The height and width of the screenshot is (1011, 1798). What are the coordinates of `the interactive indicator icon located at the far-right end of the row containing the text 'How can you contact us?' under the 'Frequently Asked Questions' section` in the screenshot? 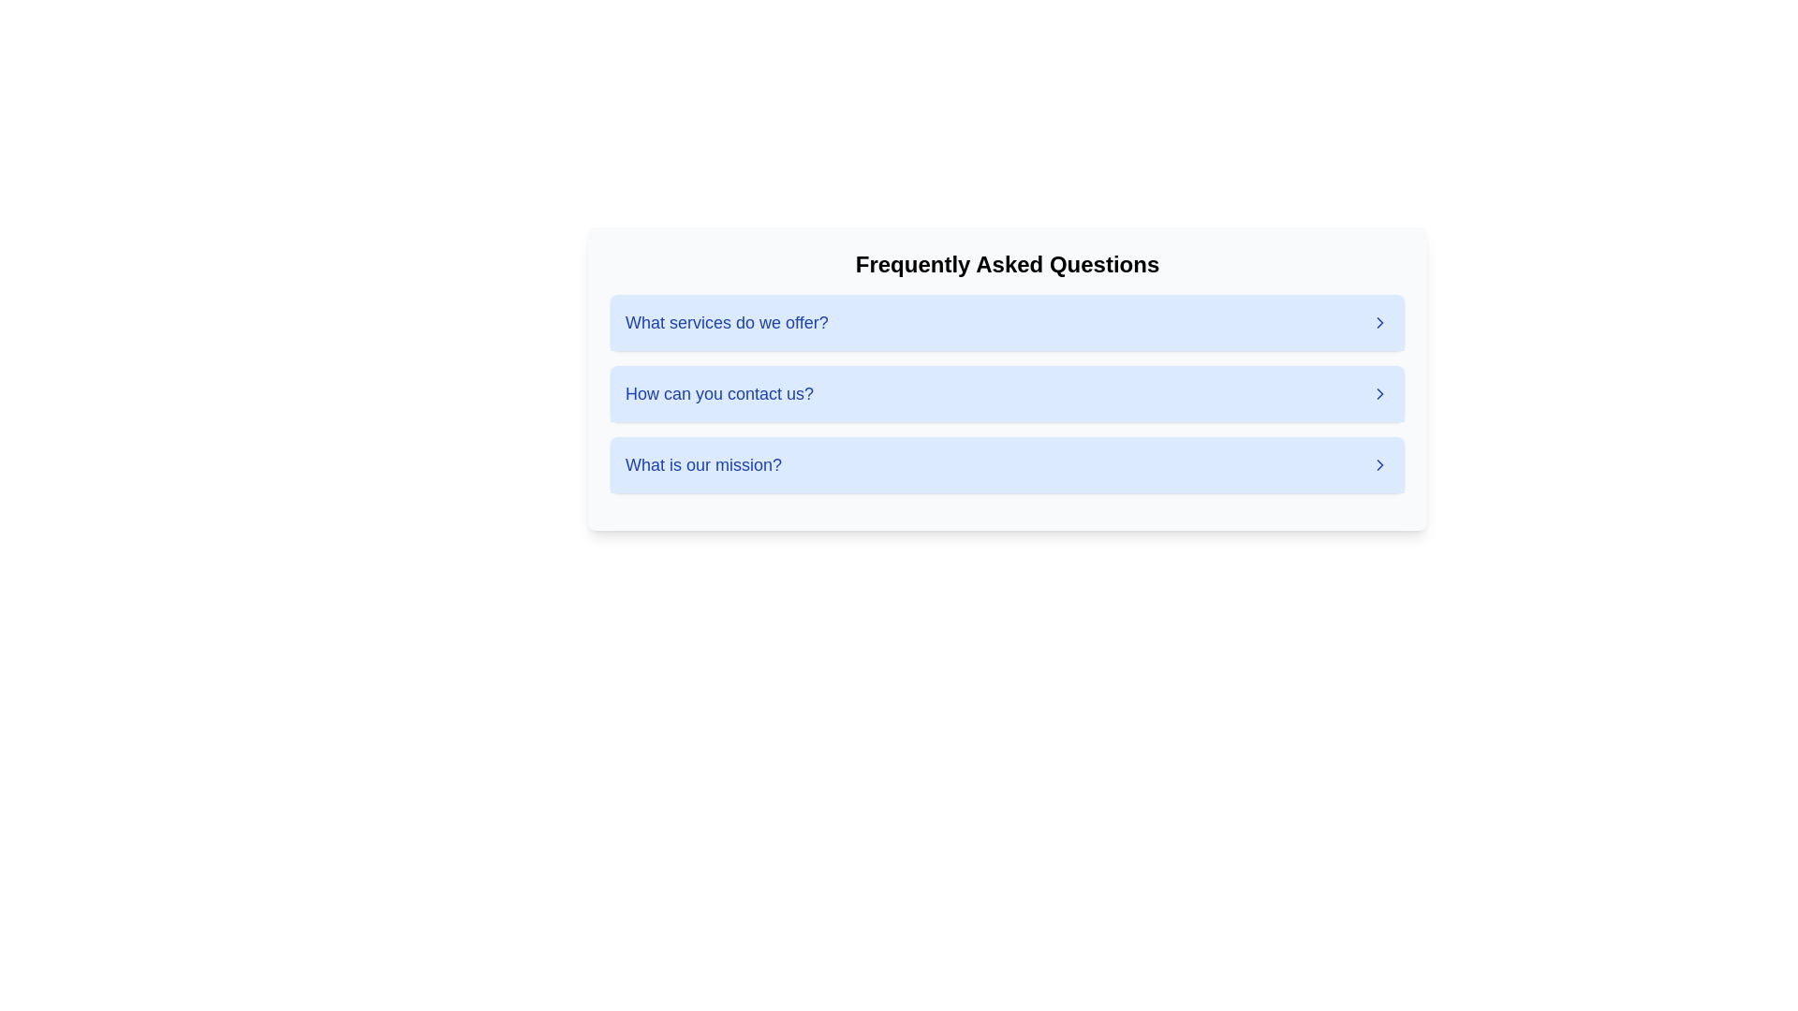 It's located at (1379, 392).